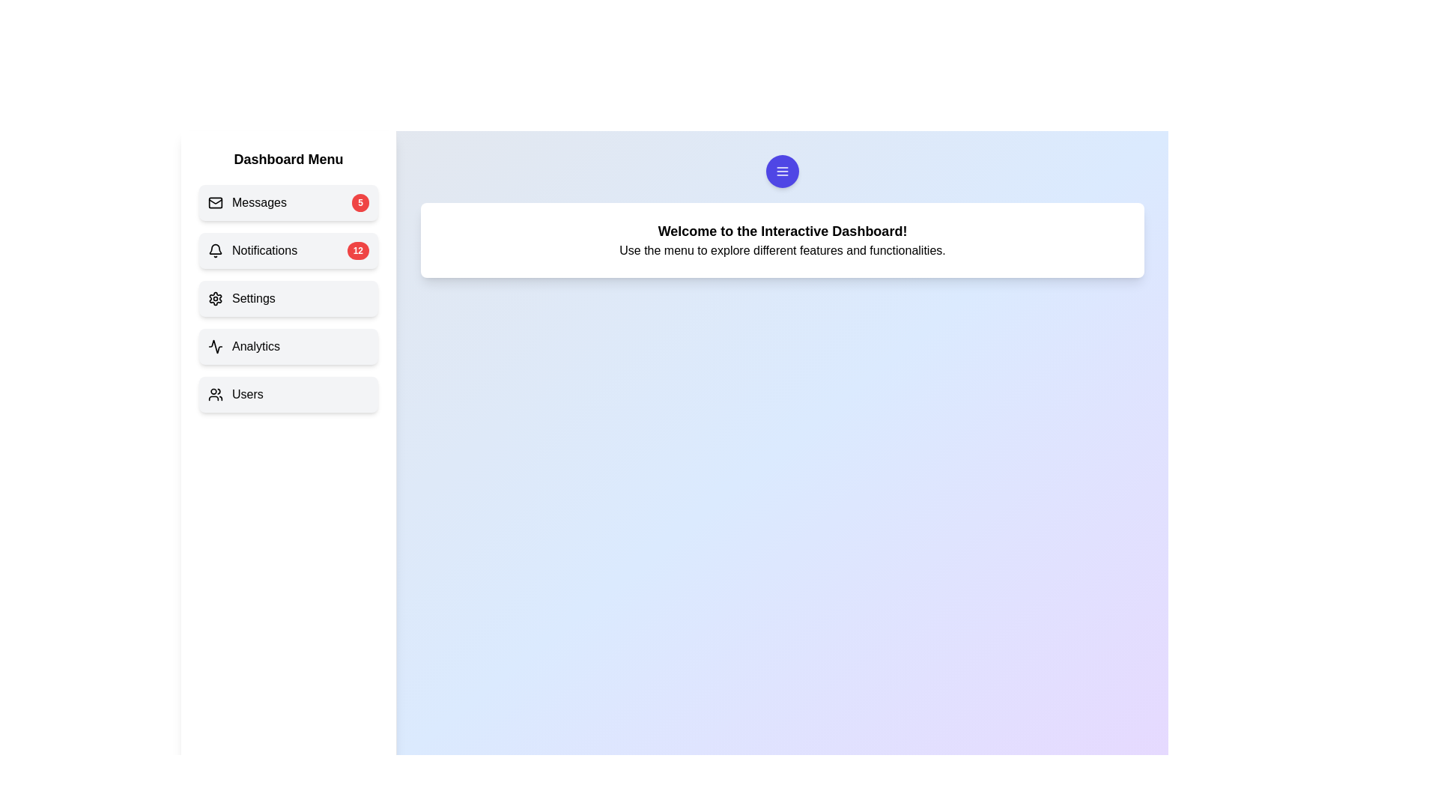 This screenshot has height=809, width=1438. I want to click on the menu item Analytics to navigate to its respective section, so click(288, 346).